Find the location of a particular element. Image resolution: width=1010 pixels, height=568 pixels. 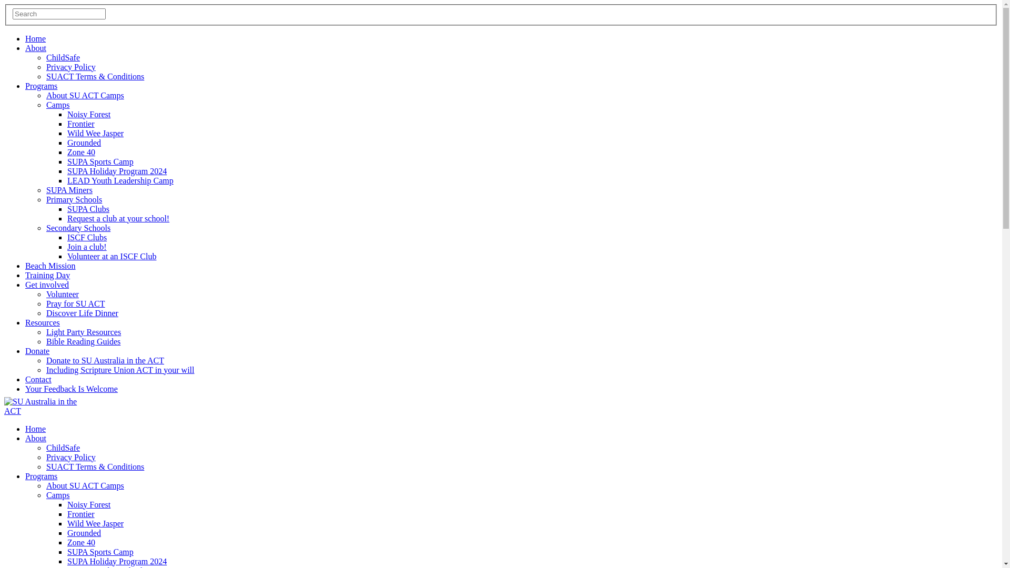

'Frontier' is located at coordinates (80, 123).